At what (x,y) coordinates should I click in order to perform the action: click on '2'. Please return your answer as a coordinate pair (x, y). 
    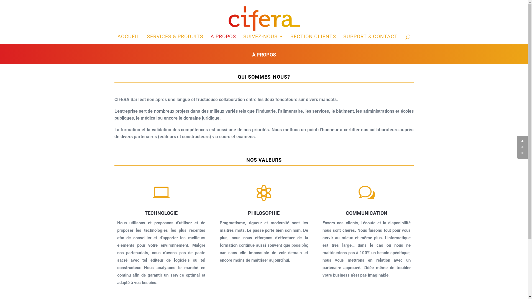
    Looking at the image, I should click on (521, 153).